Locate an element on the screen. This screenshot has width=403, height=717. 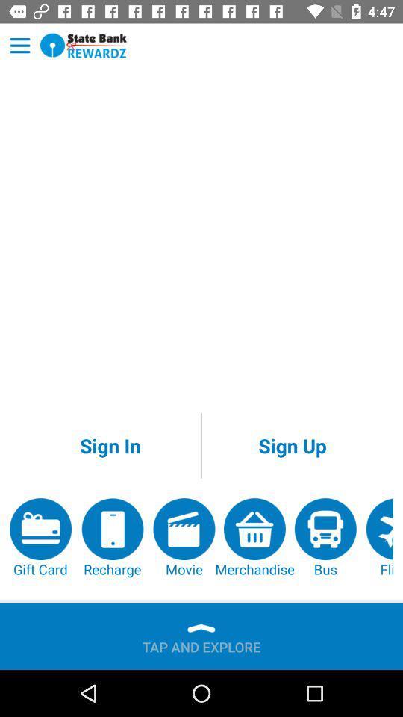
the item next to the merchandise item is located at coordinates (184, 538).